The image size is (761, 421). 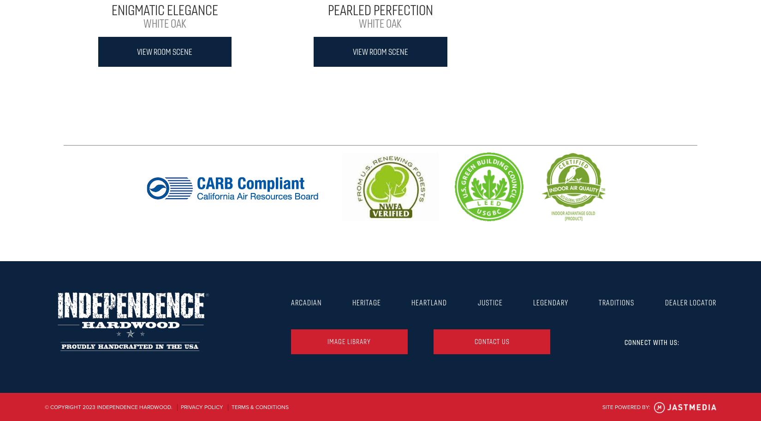 I want to click on 'Site Powered by:', so click(x=626, y=406).